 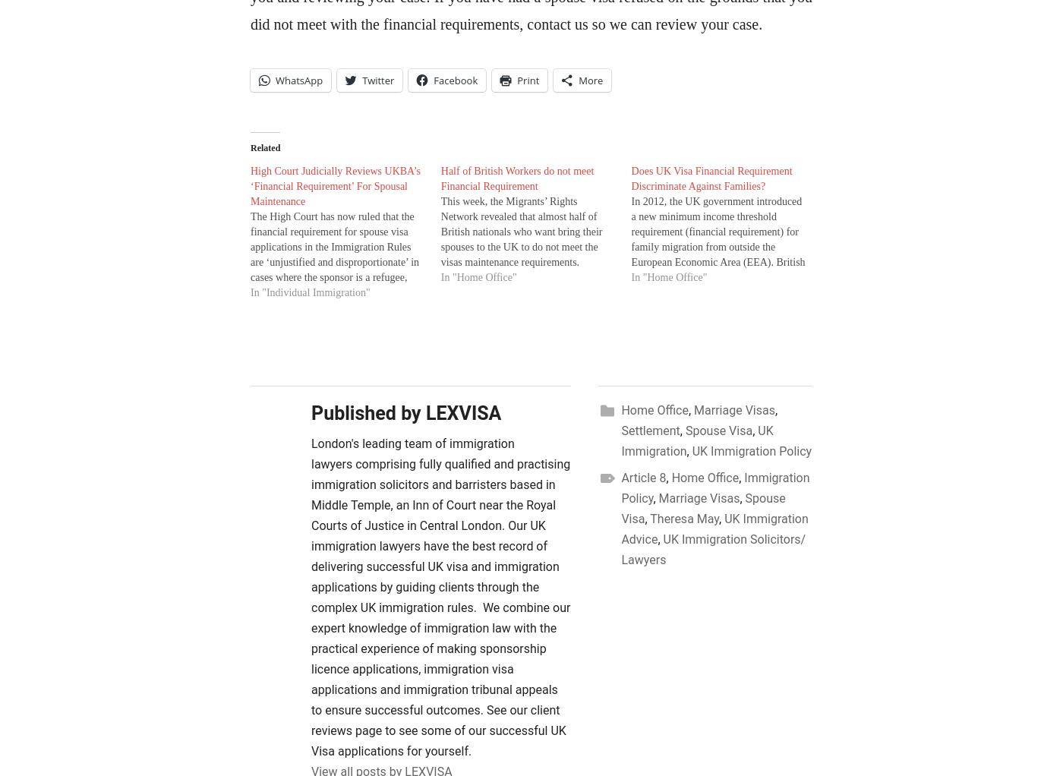 What do you see at coordinates (311, 597) in the screenshot?
I see `'London's leading team of immigration lawyers comprising fully qualified and practising immigration solicitors and barristers based in Middle Temple, an Inn of Court near the Royal Courts of Justice in Central London.
Our UK immigration lawyers have the best record of delivering successful UK visa and immigration applications by guiding clients through the complex UK immigration rules. 
We combine our expert knowledge of immigration law with the practical experience of making sponsorship licence applications, immigration visa applications and immigration tribunal appeals to ensure successful outcomes.
See our client reviews page to see some of our successful UK Visa applications for yourself.'` at bounding box center [311, 597].